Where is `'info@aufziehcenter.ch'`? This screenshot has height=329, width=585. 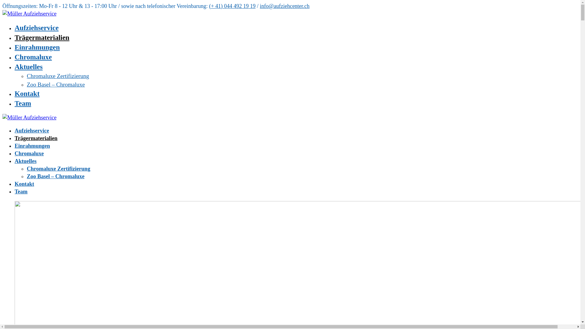 'info@aufziehcenter.ch' is located at coordinates (284, 6).